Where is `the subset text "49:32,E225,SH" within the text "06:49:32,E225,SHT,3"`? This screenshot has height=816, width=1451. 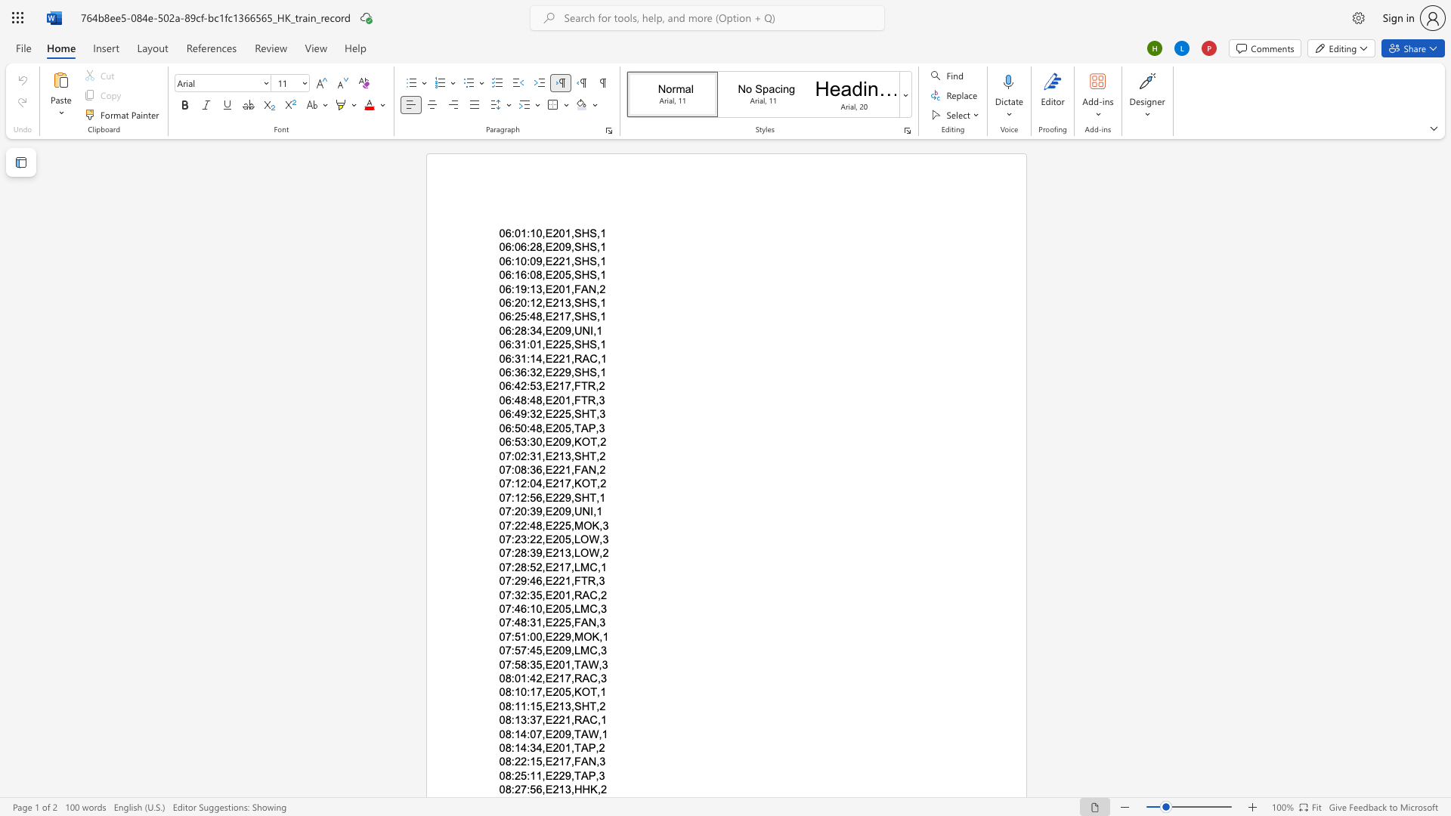 the subset text "49:32,E225,SH" within the text "06:49:32,E225,SHT,3" is located at coordinates (514, 414).